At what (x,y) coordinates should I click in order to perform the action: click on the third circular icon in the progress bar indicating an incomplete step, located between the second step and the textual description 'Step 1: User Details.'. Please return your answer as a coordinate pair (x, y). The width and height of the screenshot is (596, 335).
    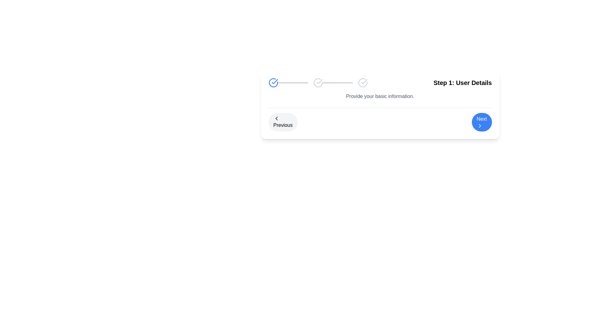
    Looking at the image, I should click on (363, 82).